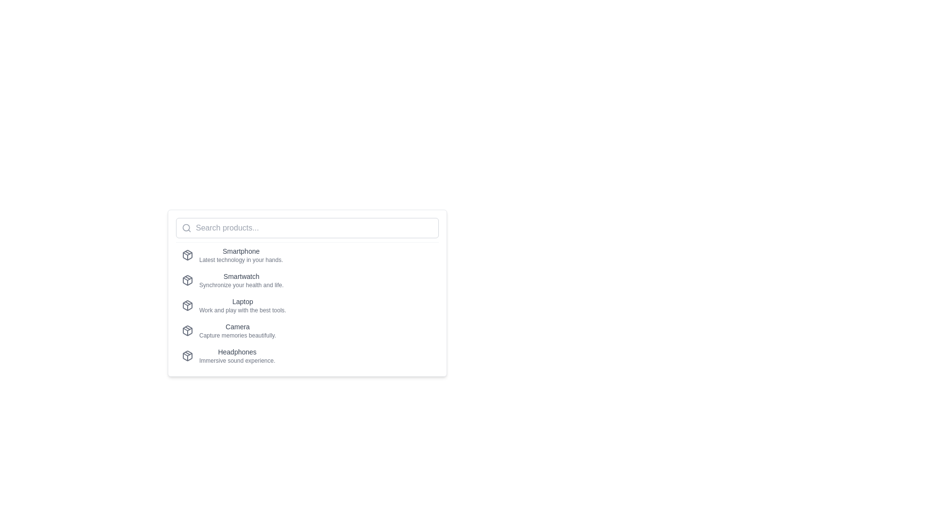 The height and width of the screenshot is (523, 931). What do you see at coordinates (241, 251) in the screenshot?
I see `text displayed in the header or title Text Label located in the top-left portion of the list, directly below the search bar in the modal` at bounding box center [241, 251].